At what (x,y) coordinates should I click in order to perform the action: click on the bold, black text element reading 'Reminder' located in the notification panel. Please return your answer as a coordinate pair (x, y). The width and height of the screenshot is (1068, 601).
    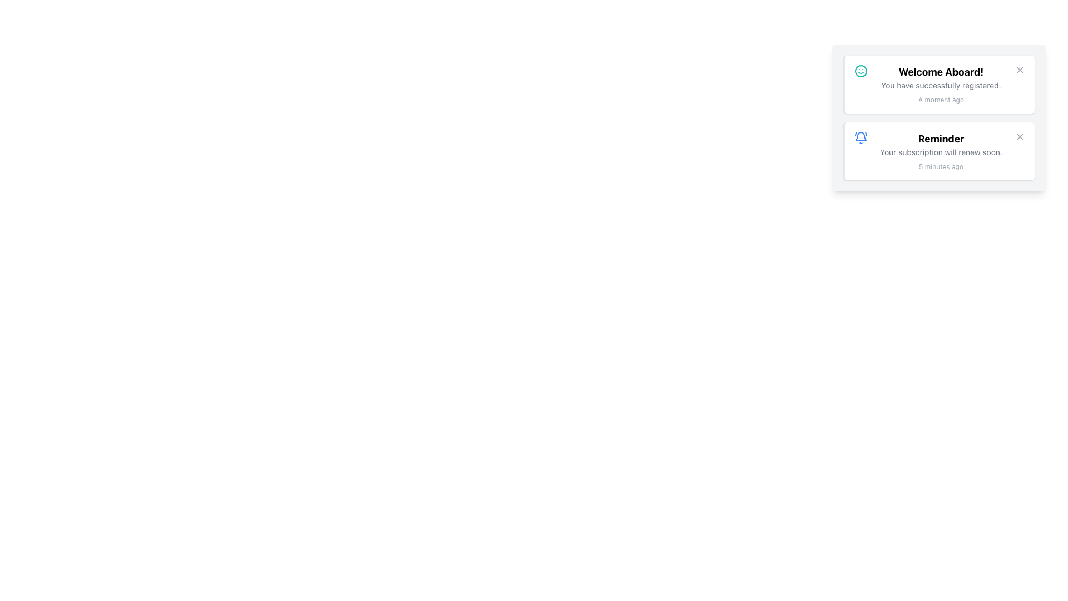
    Looking at the image, I should click on (940, 139).